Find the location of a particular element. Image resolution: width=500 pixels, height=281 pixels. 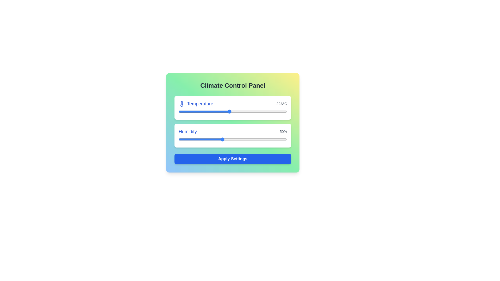

the temperature slider is located at coordinates (272, 111).